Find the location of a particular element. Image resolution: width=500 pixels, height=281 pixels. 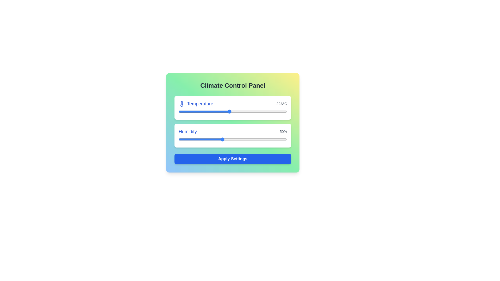

the temperature slider is located at coordinates (272, 111).